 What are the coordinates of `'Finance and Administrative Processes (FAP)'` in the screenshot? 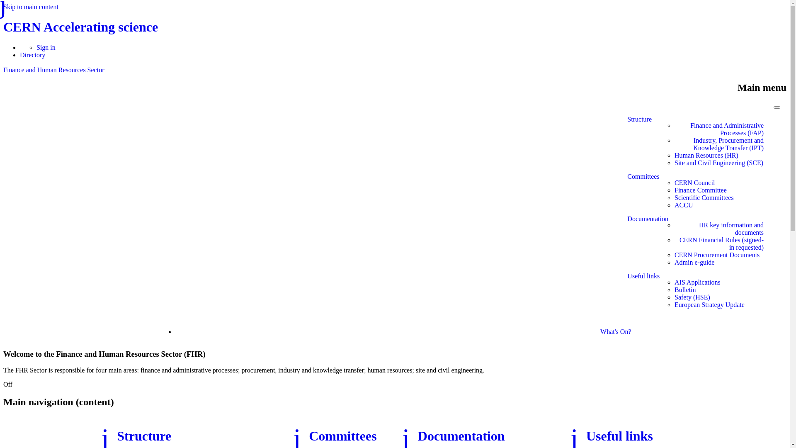 It's located at (675, 129).